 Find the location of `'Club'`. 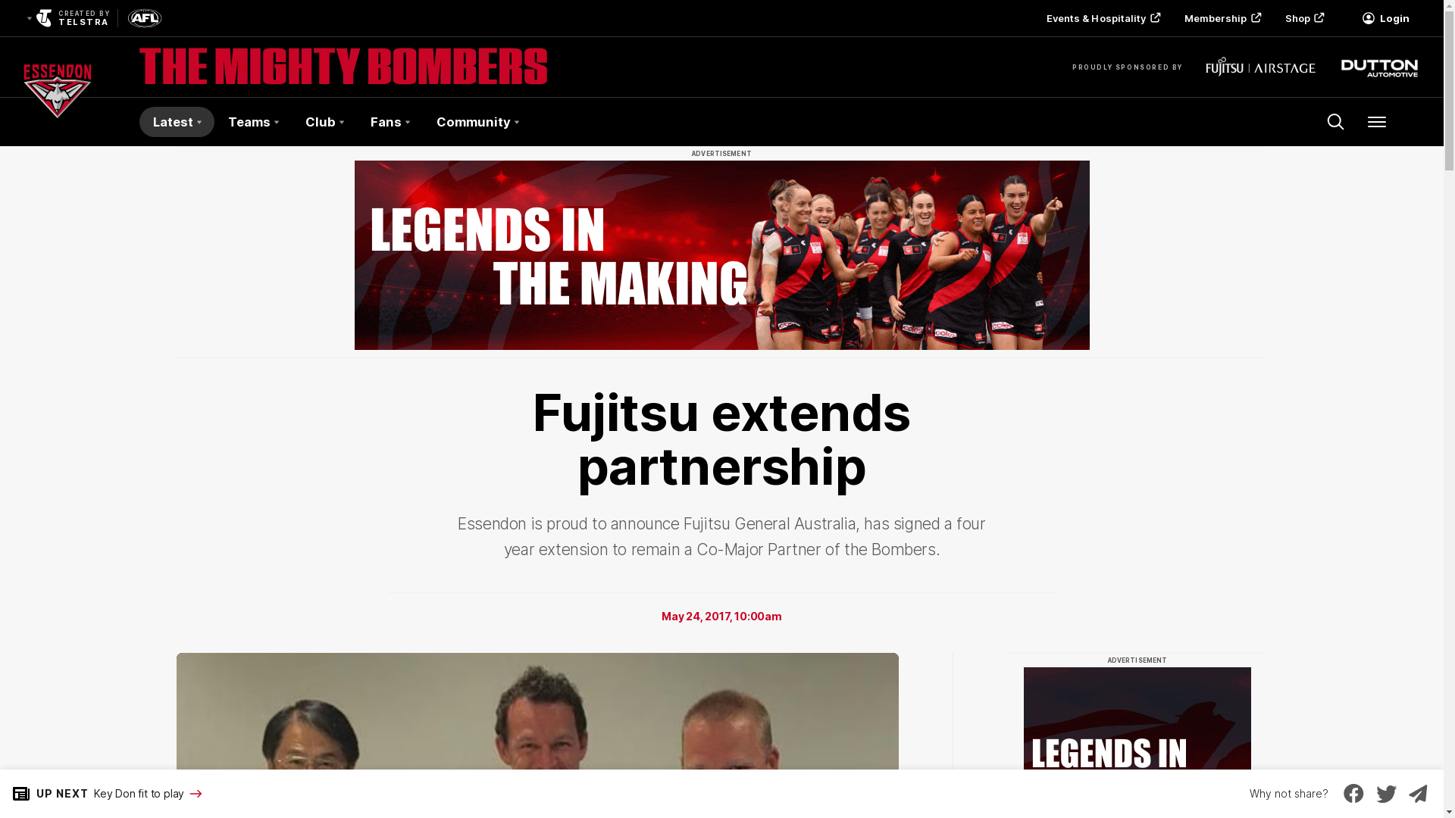

'Club' is located at coordinates (323, 121).